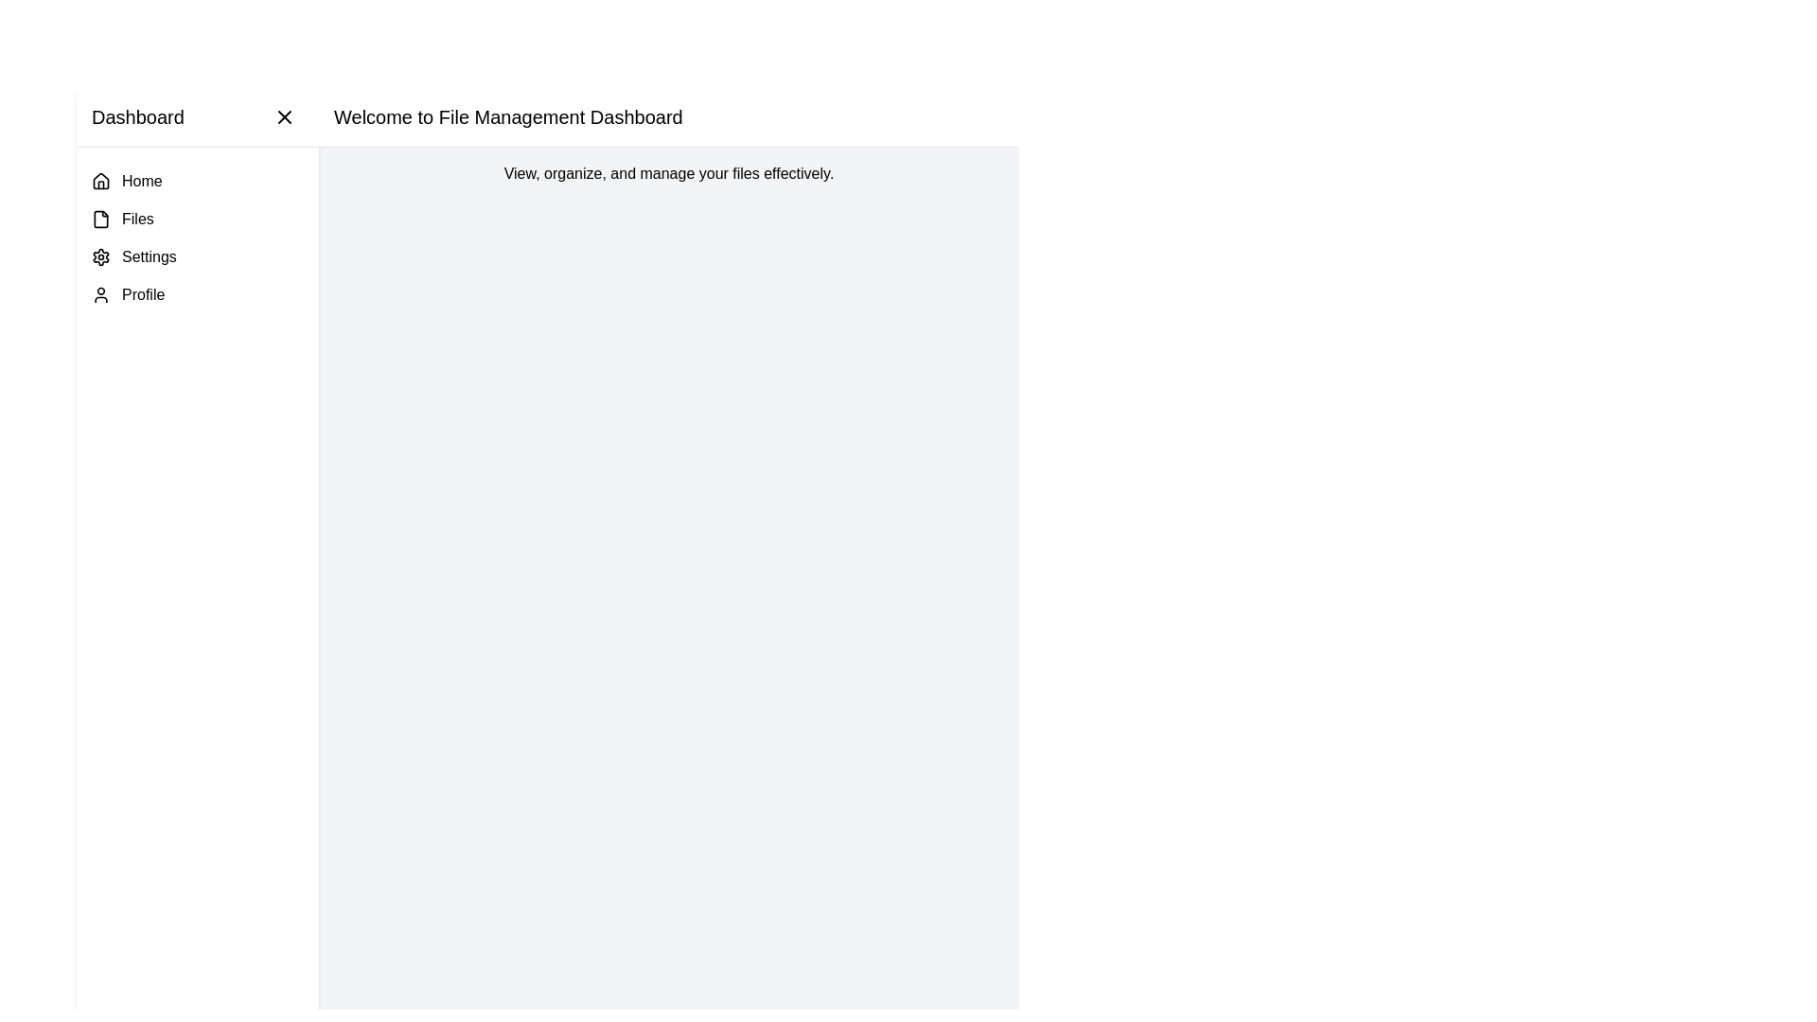  Describe the element at coordinates (668, 116) in the screenshot. I see `the Text Display Block with the title 'Welcome to File Management Dashboard', which is a prominent header section located near the top of the interface` at that location.